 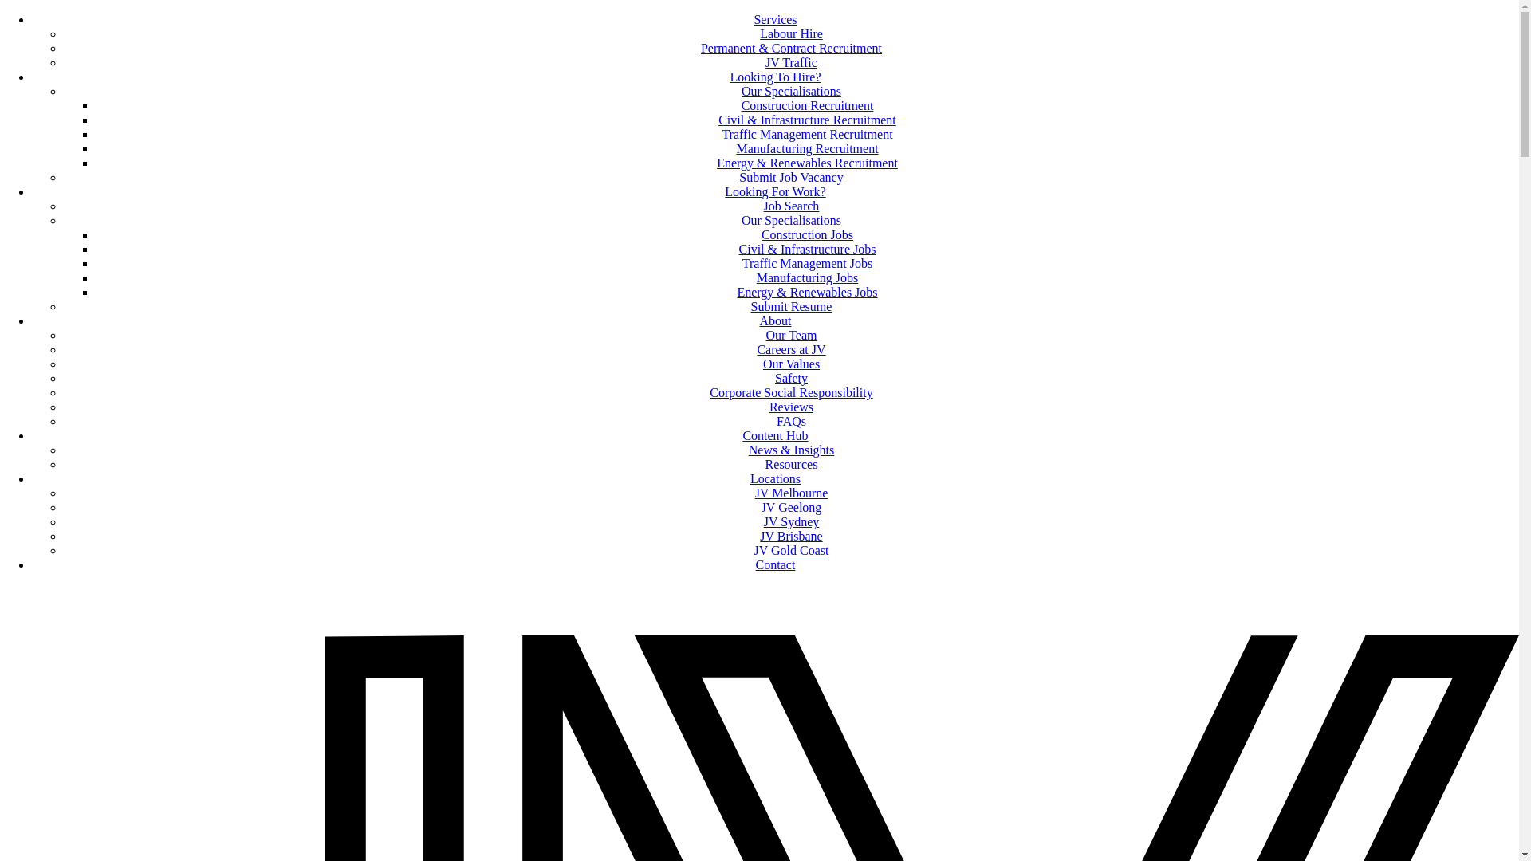 I want to click on 'Reviews', so click(x=791, y=406).